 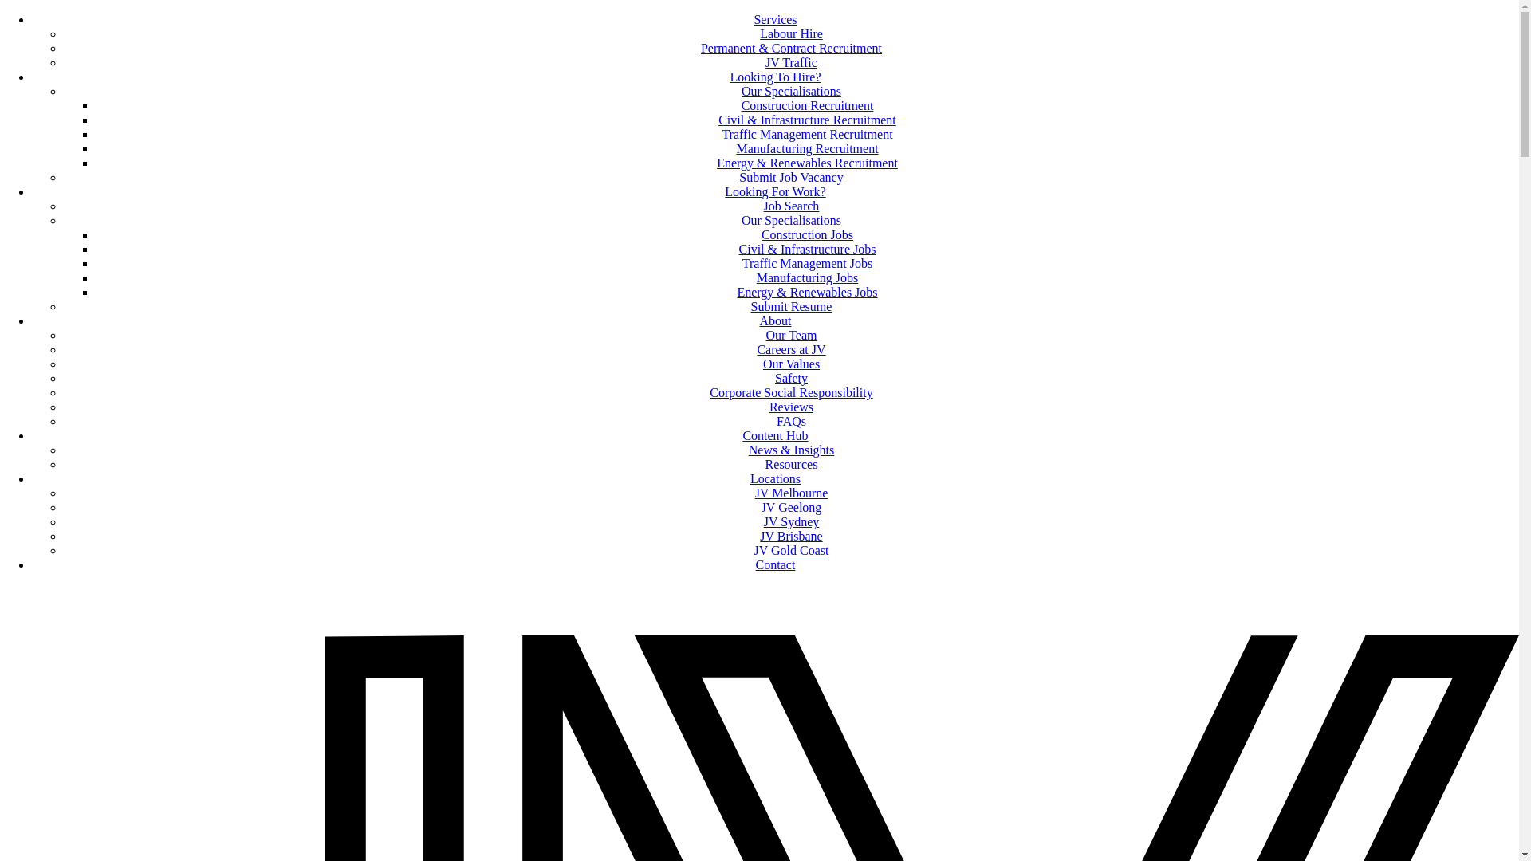 I want to click on 'Reviews', so click(x=791, y=406).